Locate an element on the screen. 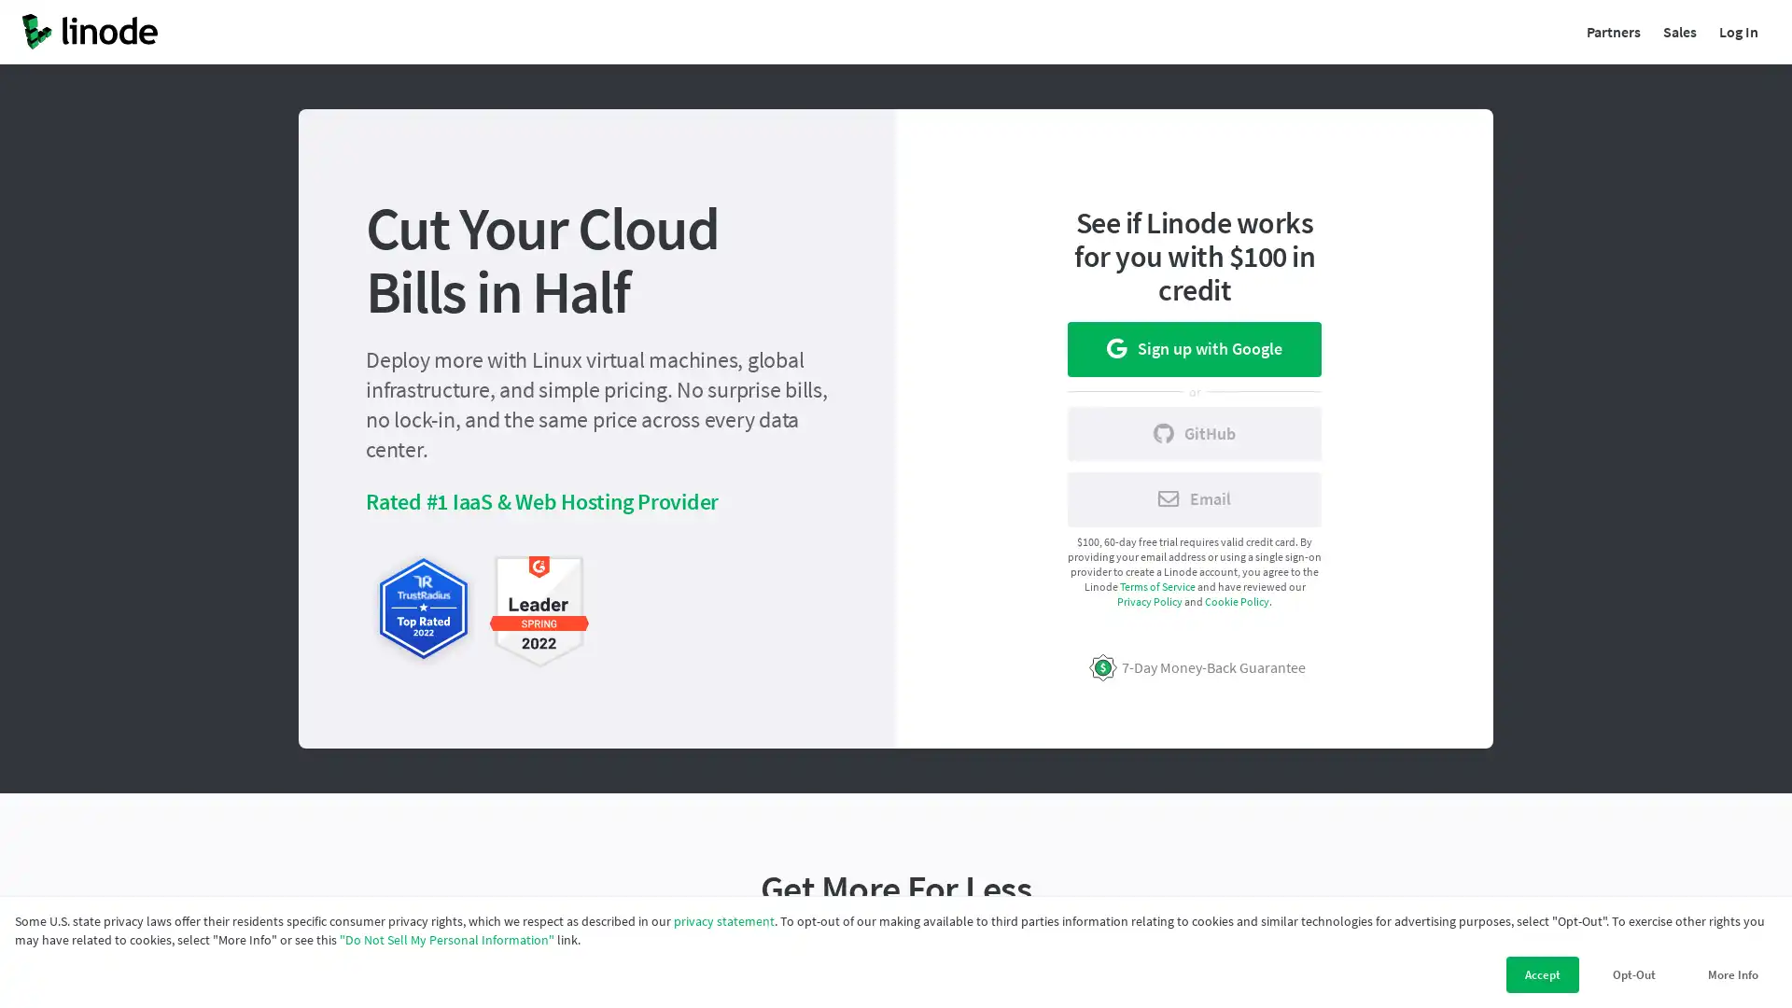 The image size is (1792, 1008). Accept is located at coordinates (1542, 973).